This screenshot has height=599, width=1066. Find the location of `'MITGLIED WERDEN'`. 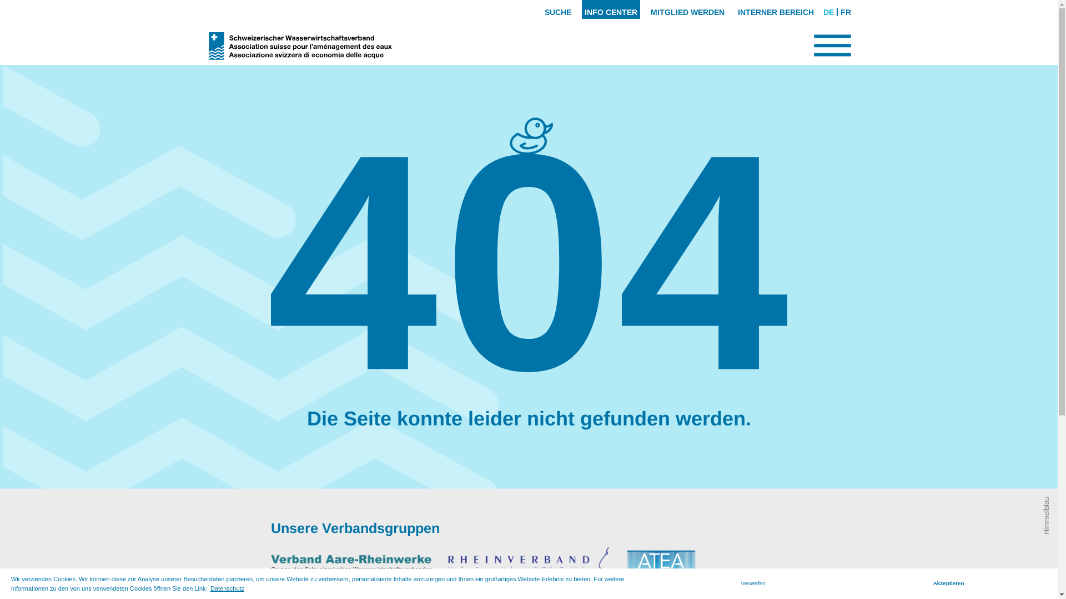

'MITGLIED WERDEN' is located at coordinates (686, 9).